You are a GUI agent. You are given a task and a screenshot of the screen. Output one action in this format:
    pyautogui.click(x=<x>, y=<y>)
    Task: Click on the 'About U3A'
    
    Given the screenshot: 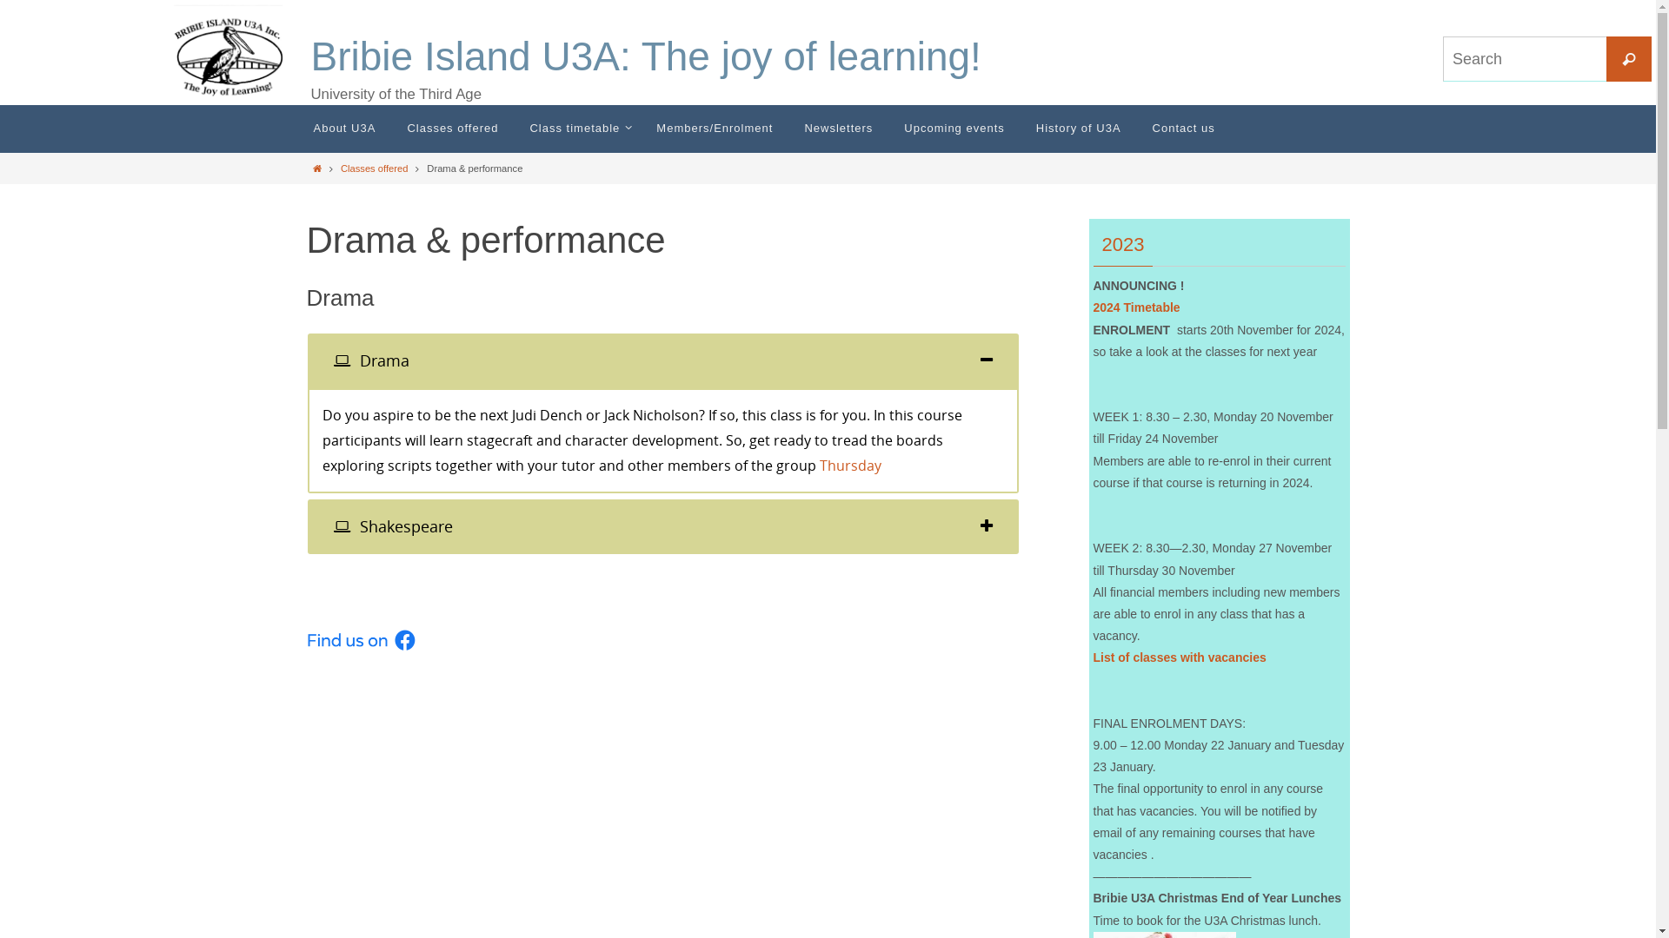 What is the action you would take?
    pyautogui.click(x=343, y=128)
    